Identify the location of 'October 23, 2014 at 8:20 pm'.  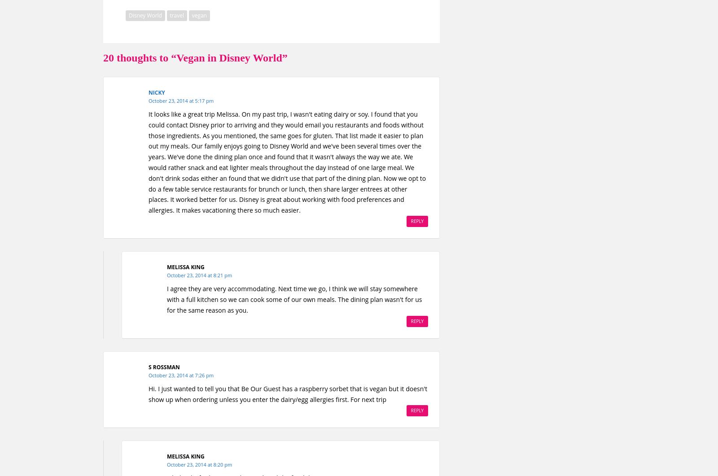
(199, 464).